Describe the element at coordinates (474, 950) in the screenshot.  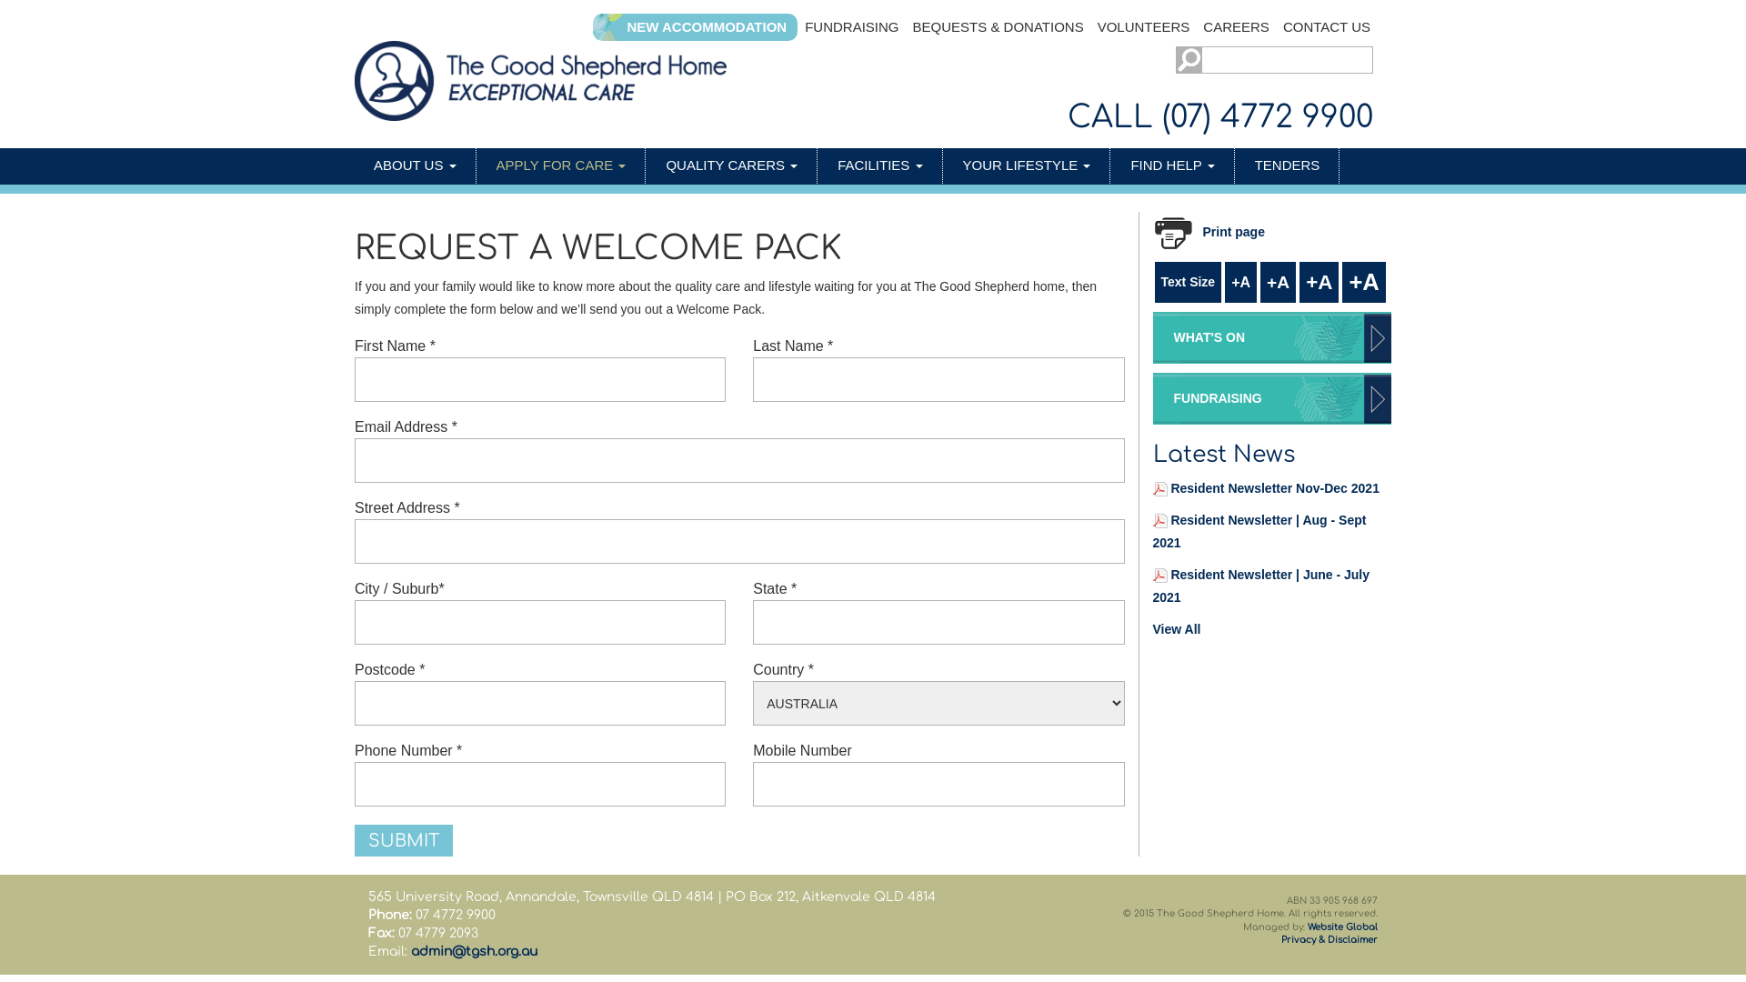
I see `'admin@tgsh.org.au'` at that location.